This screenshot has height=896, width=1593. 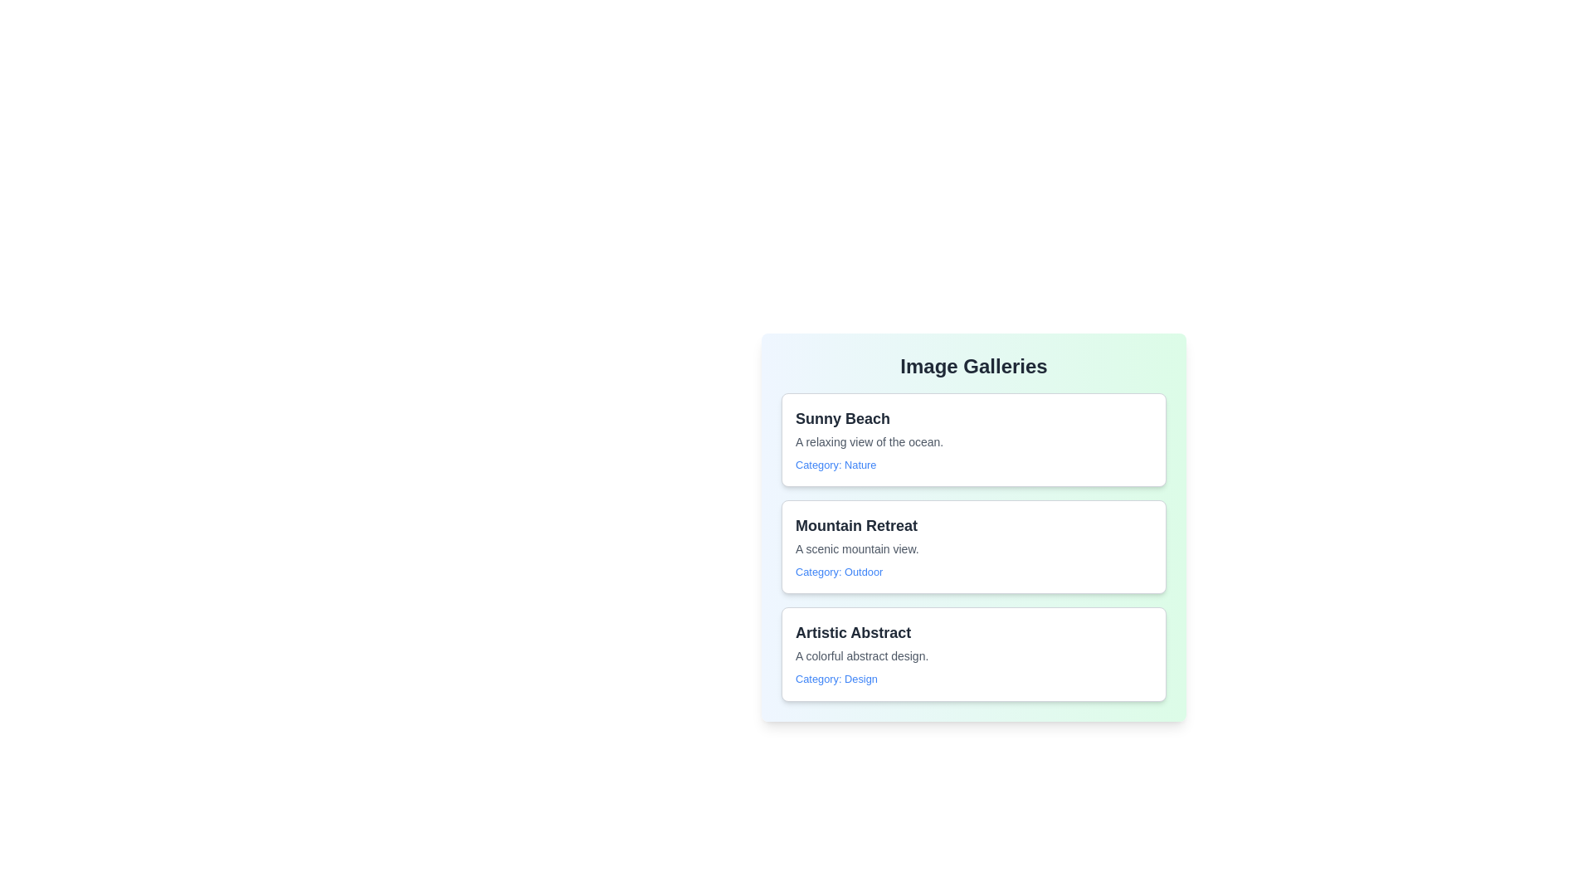 What do you see at coordinates (974, 547) in the screenshot?
I see `the gallery item Mountain Retreat from the list` at bounding box center [974, 547].